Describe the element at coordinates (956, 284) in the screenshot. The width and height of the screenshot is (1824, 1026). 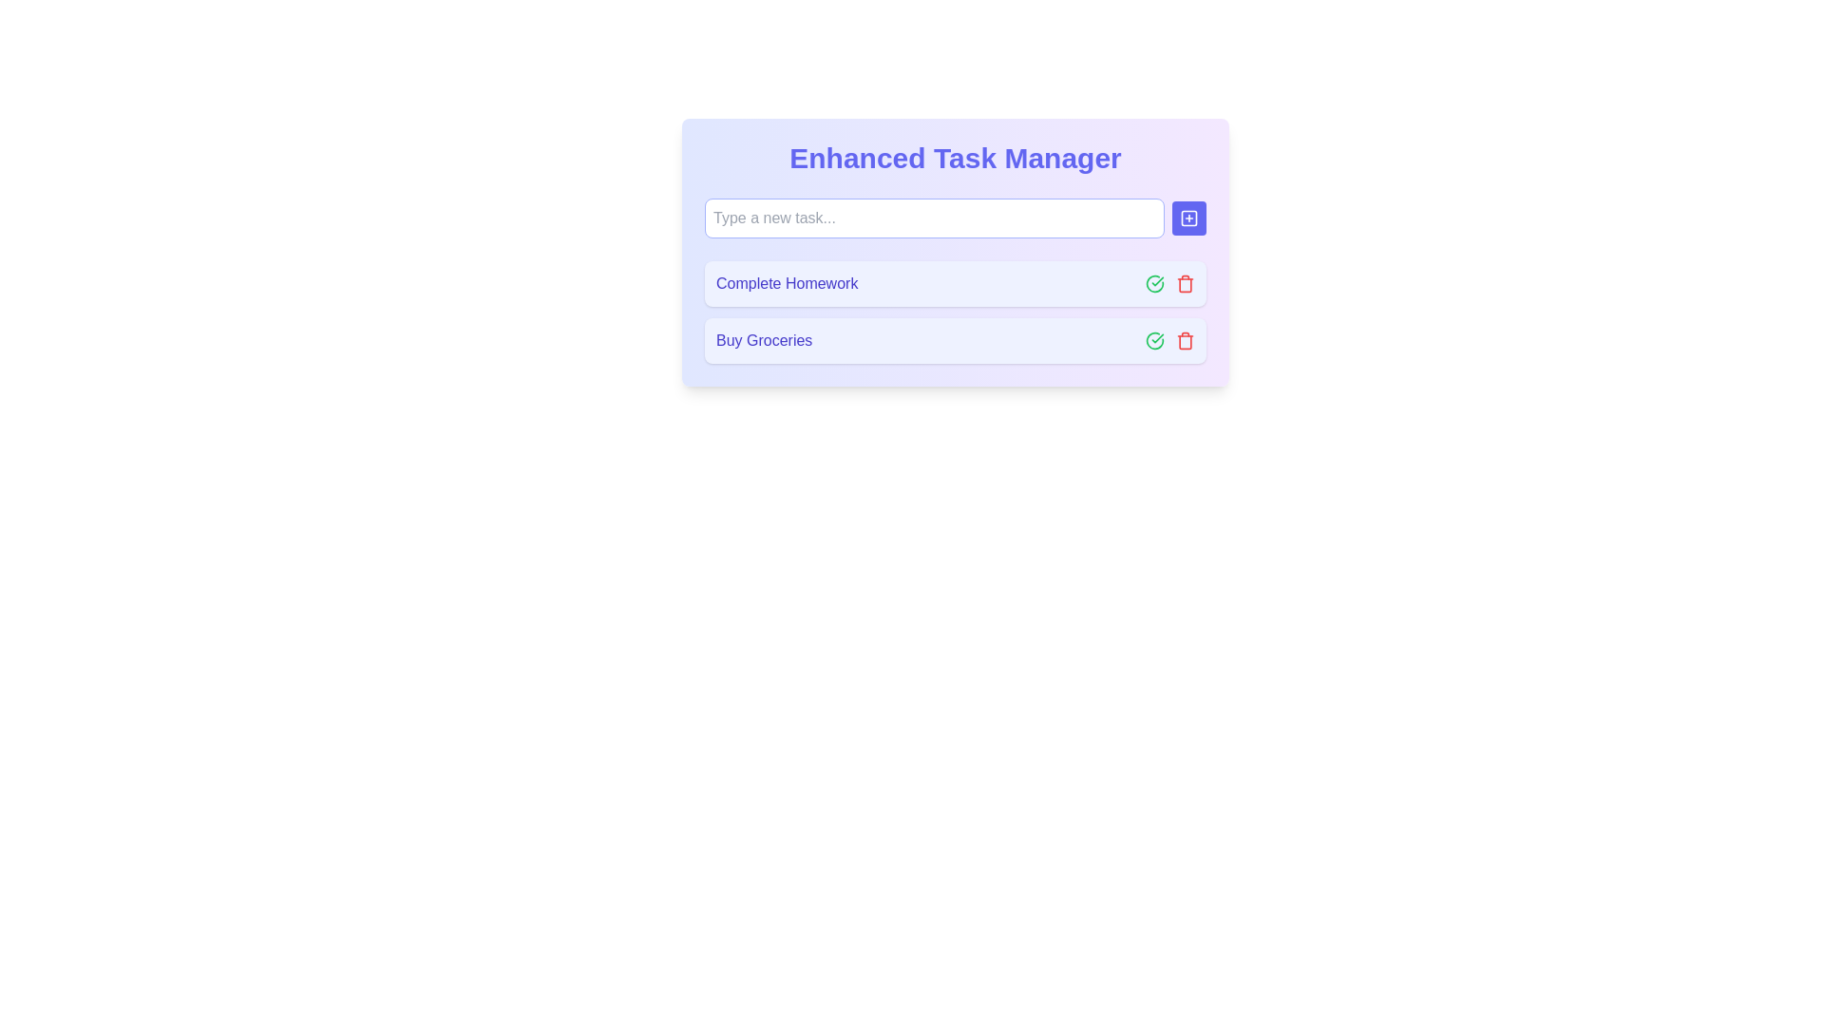
I see `task text 'Complete Homework' from the first Task List Item, which is a rectangular box with a light indigo background and contains a green checkmark and a red trash can icon` at that location.